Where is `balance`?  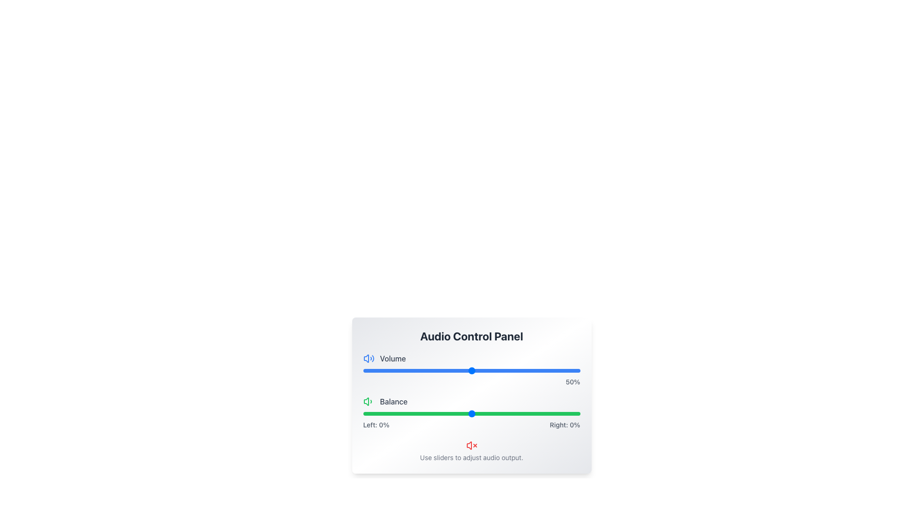
balance is located at coordinates (373, 413).